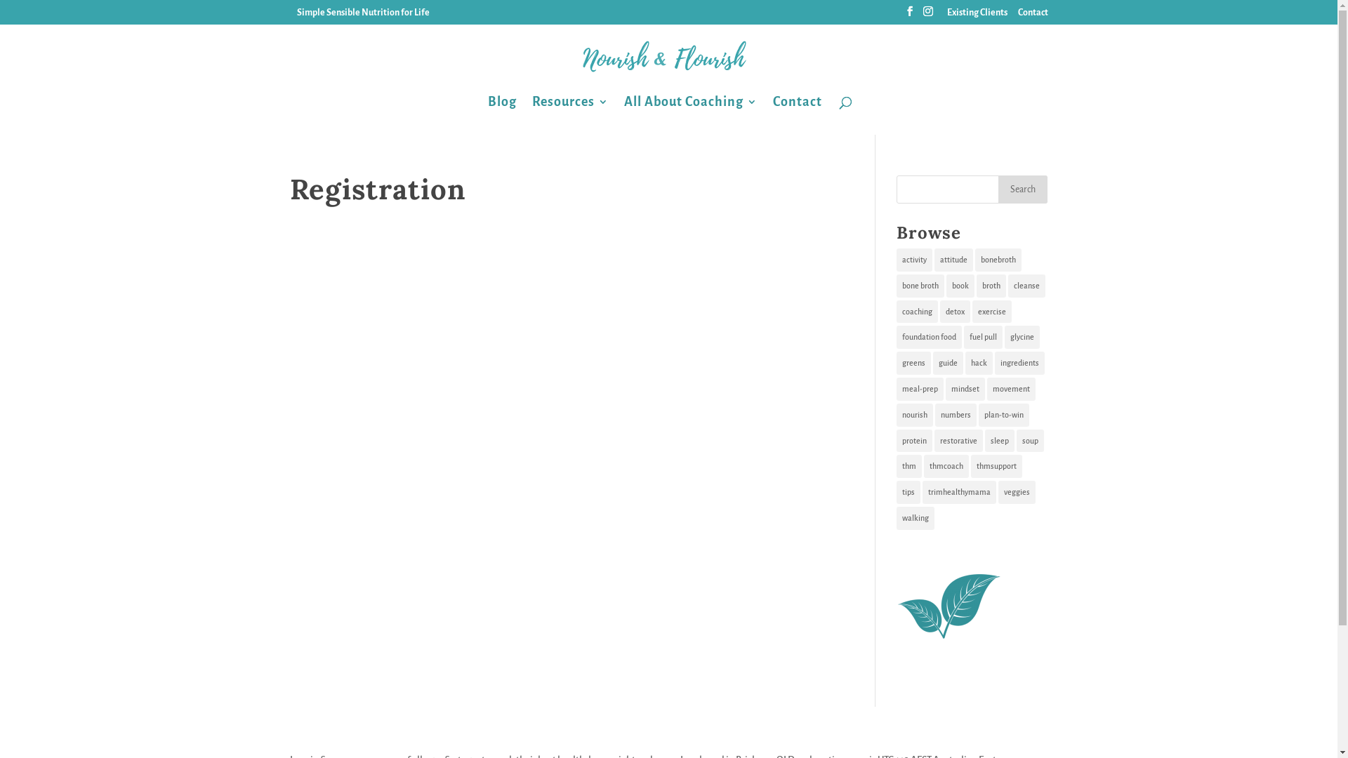  What do you see at coordinates (895, 362) in the screenshot?
I see `'greens'` at bounding box center [895, 362].